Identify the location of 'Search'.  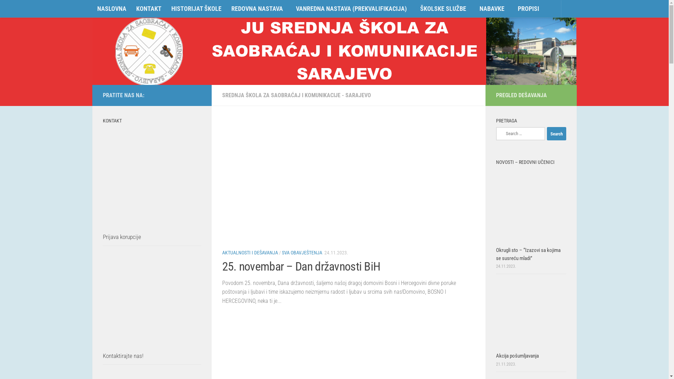
(556, 134).